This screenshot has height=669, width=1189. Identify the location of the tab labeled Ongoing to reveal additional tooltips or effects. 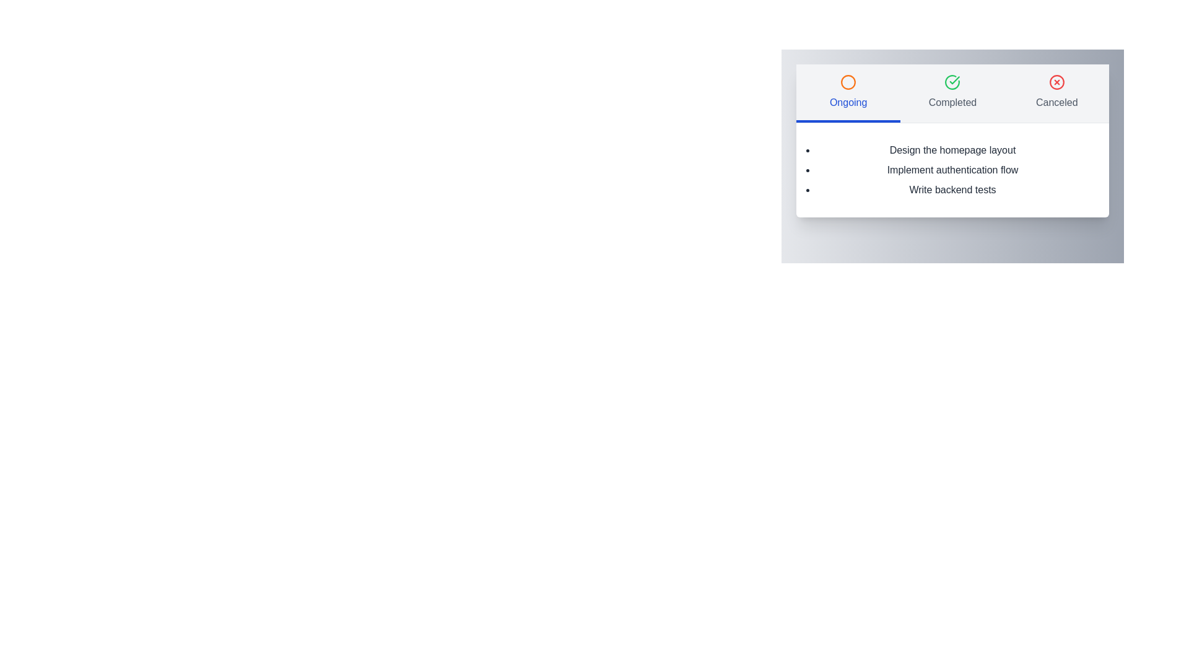
(848, 92).